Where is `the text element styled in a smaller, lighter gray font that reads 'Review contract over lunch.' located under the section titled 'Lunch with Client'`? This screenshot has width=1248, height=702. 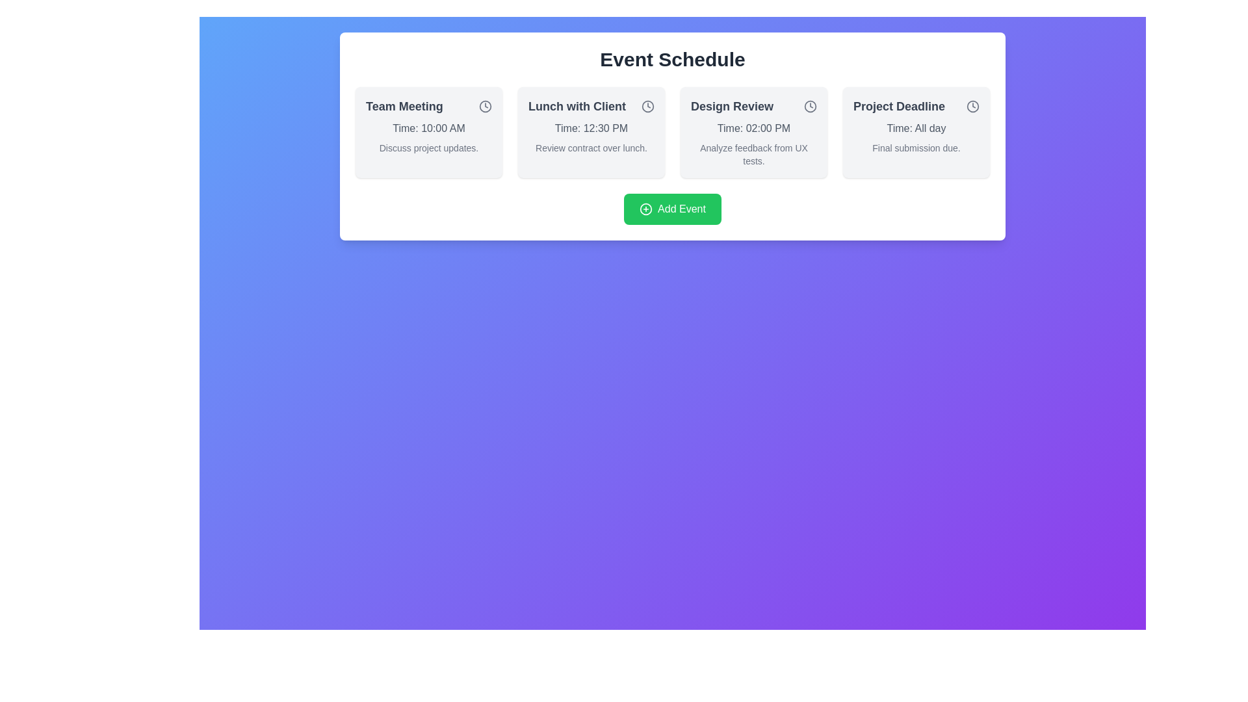 the text element styled in a smaller, lighter gray font that reads 'Review contract over lunch.' located under the section titled 'Lunch with Client' is located at coordinates (591, 147).